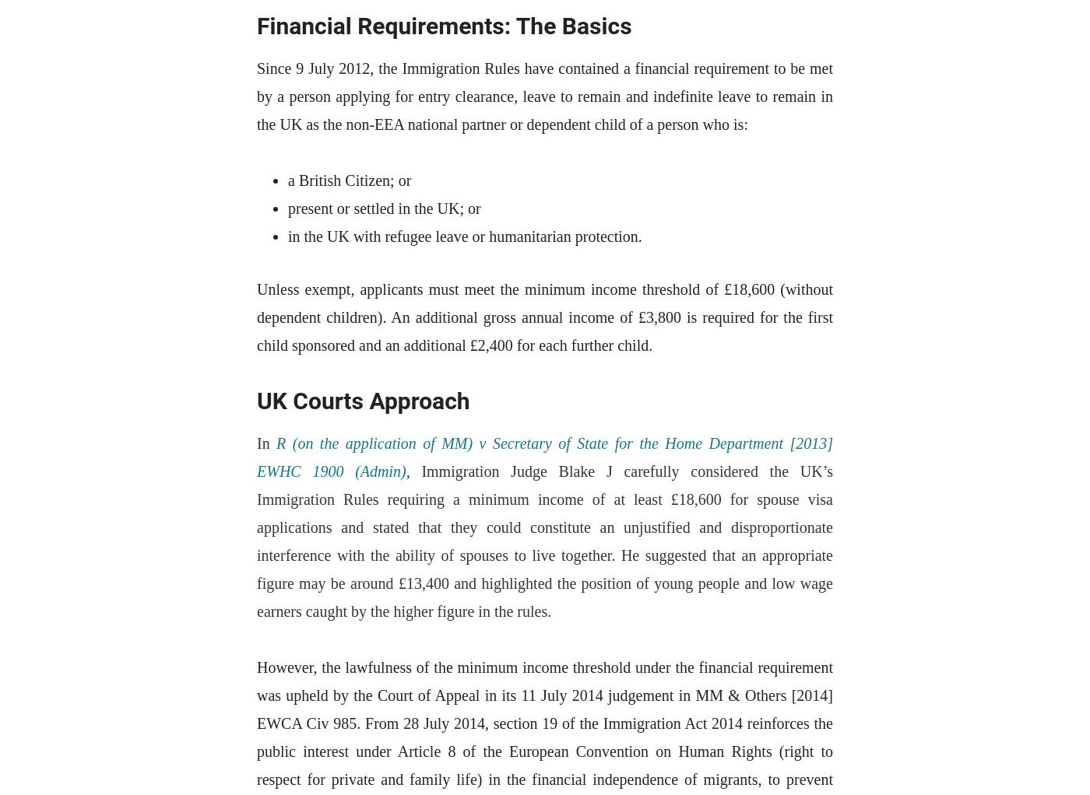  Describe the element at coordinates (478, 470) in the screenshot. I see `'Immigration Judge'` at that location.